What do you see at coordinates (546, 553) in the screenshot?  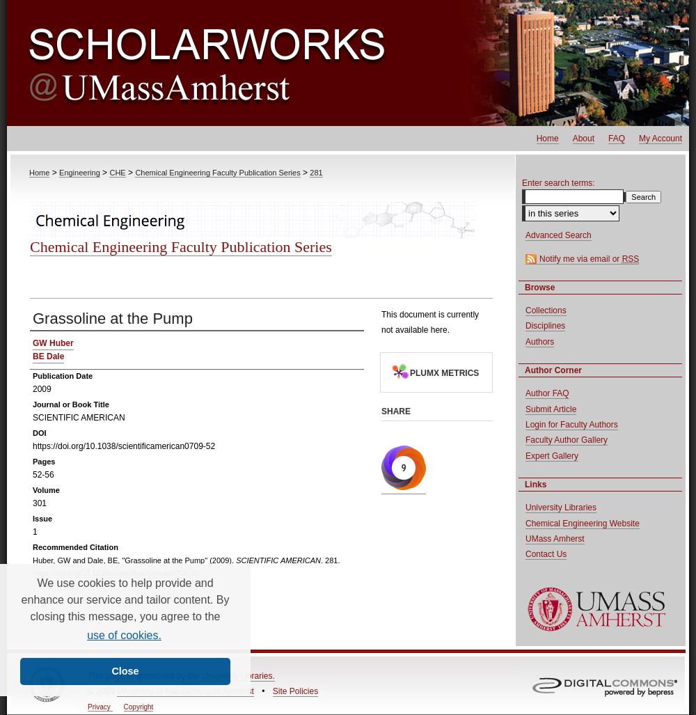 I see `'Contact Us'` at bounding box center [546, 553].